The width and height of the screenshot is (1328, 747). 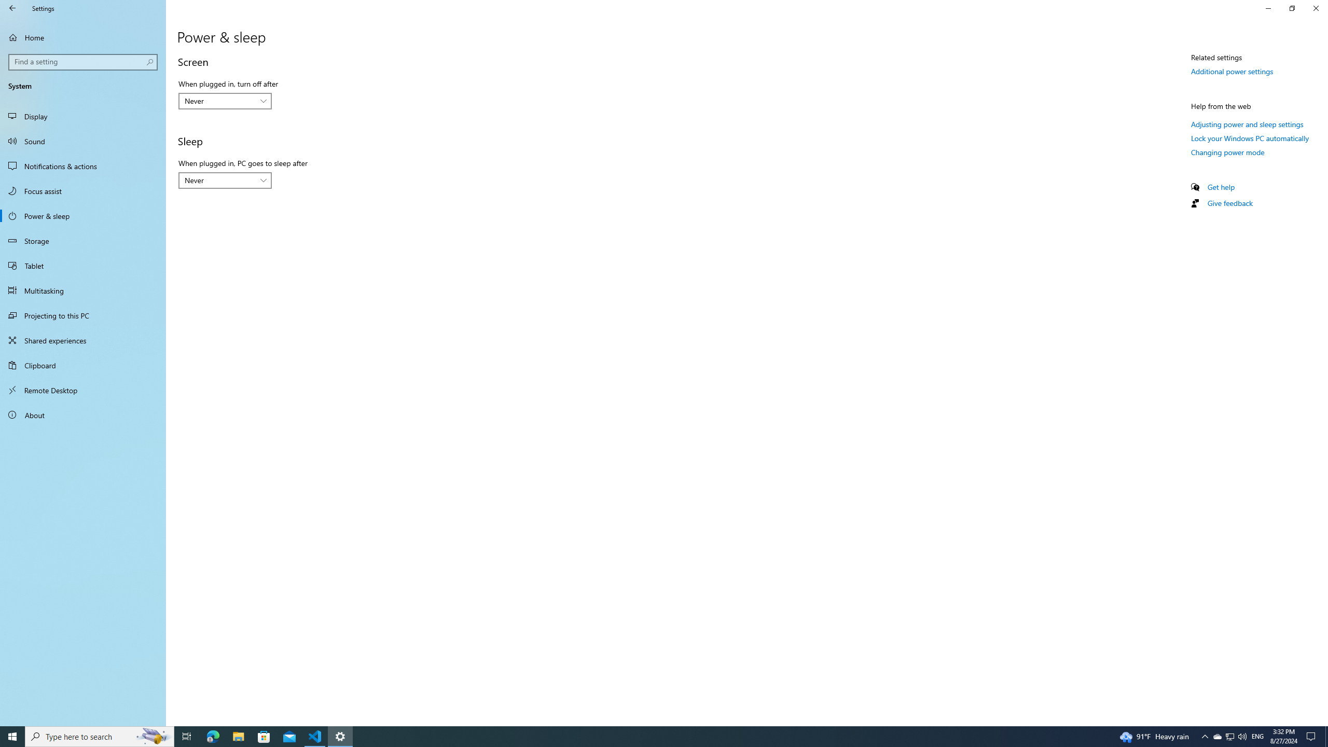 I want to click on 'Shared experiences', so click(x=82, y=339).